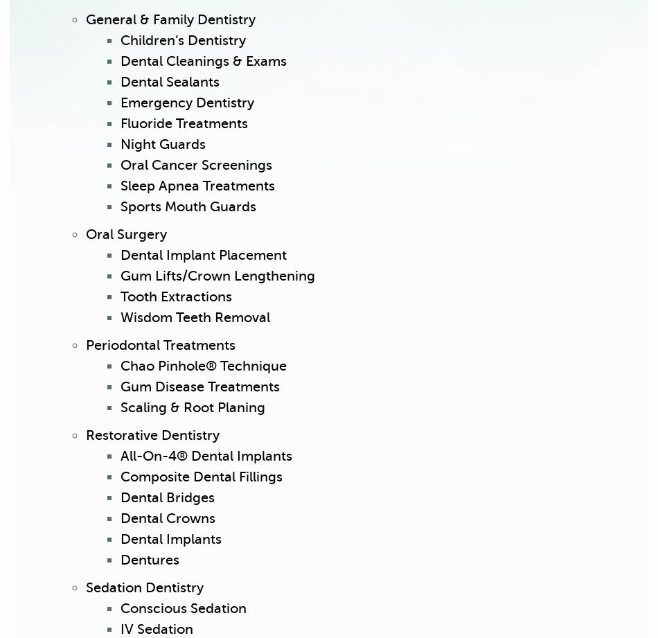  I want to click on 'Dental Implant Placement', so click(203, 255).